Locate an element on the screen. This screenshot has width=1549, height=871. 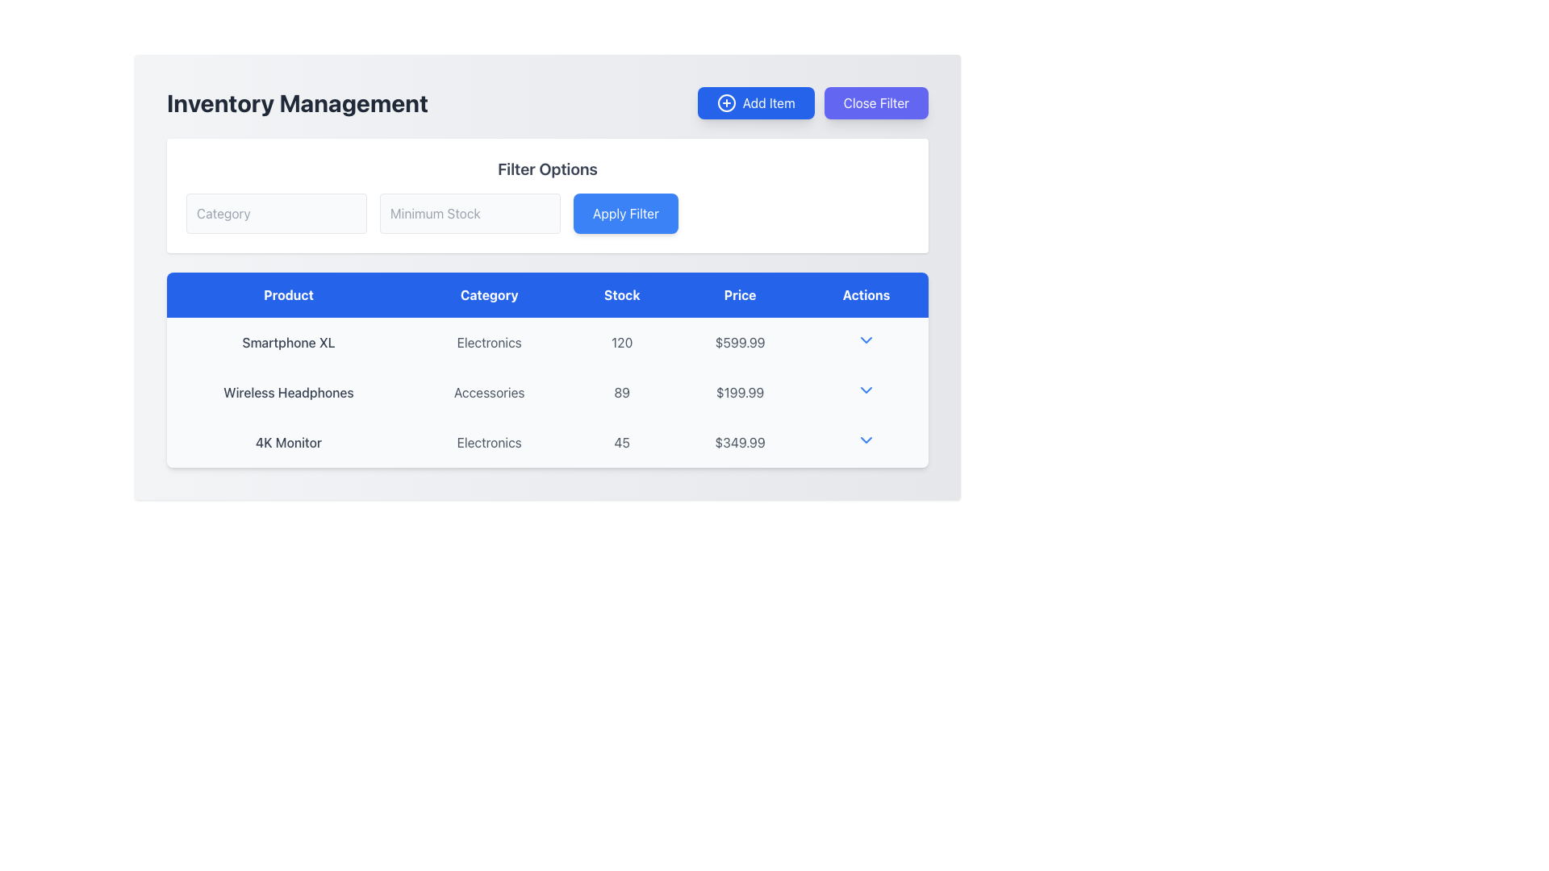
the rectangular text input field with rounded borders and a light gray background, which has the placeholder text 'Minimum Stock', to focus on it is located at coordinates (469, 213).